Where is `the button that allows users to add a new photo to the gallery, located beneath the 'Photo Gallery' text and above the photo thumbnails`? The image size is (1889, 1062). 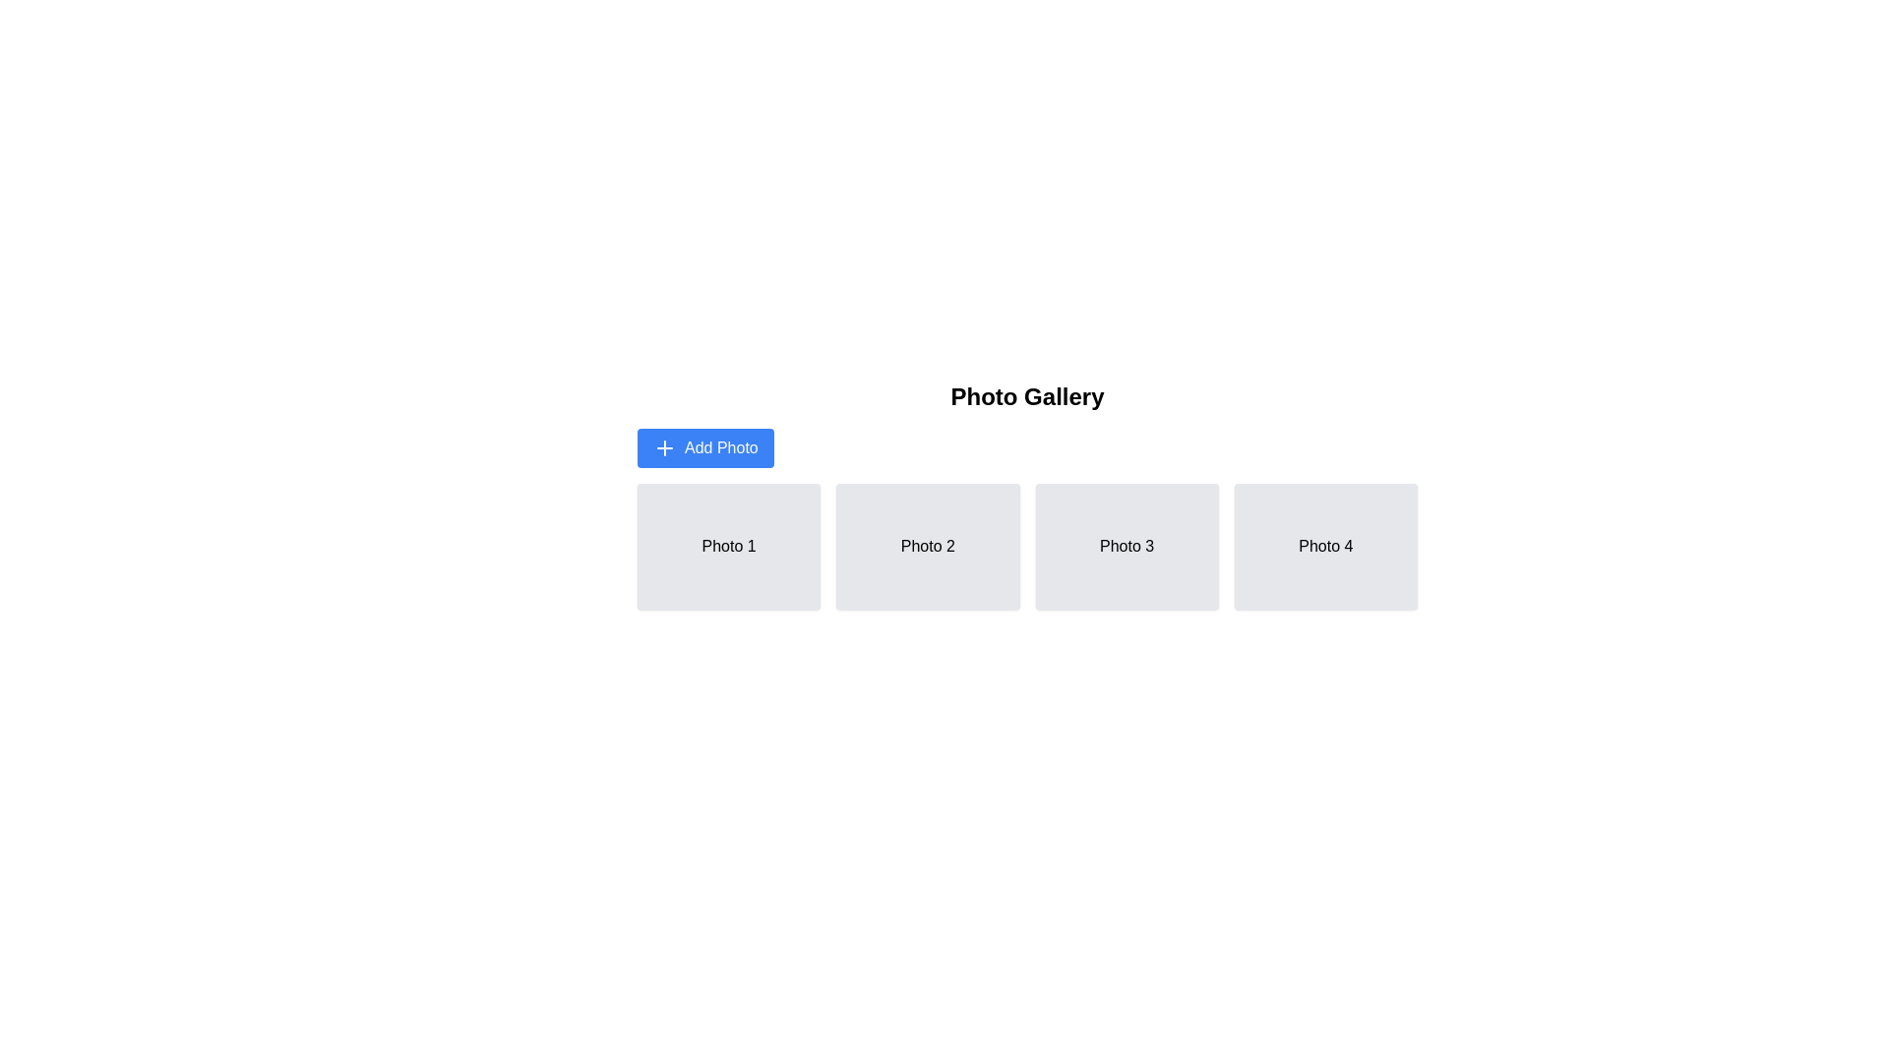
the button that allows users to add a new photo to the gallery, located beneath the 'Photo Gallery' text and above the photo thumbnails is located at coordinates (705, 447).